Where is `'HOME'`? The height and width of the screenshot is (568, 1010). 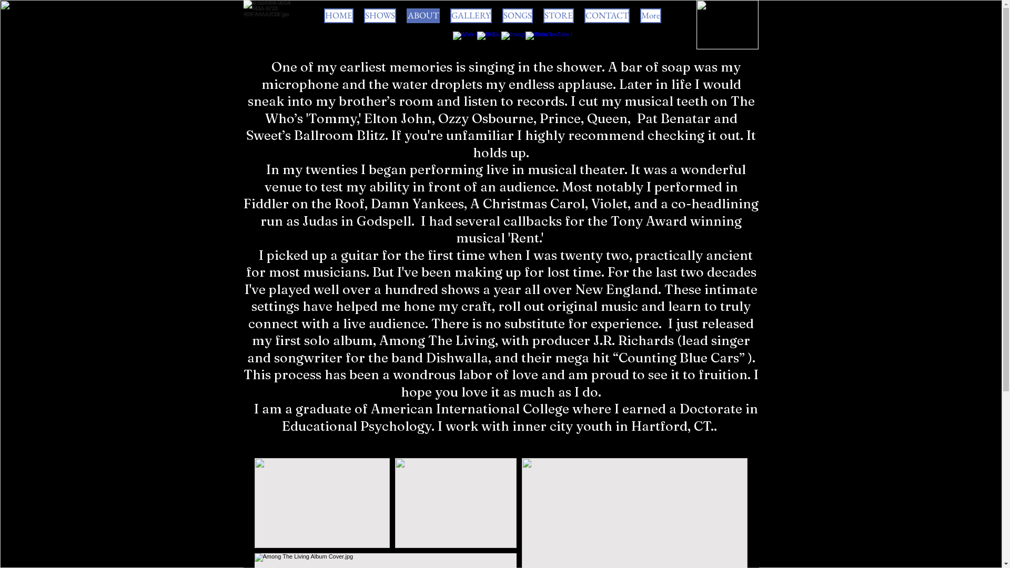
'HOME' is located at coordinates (323, 16).